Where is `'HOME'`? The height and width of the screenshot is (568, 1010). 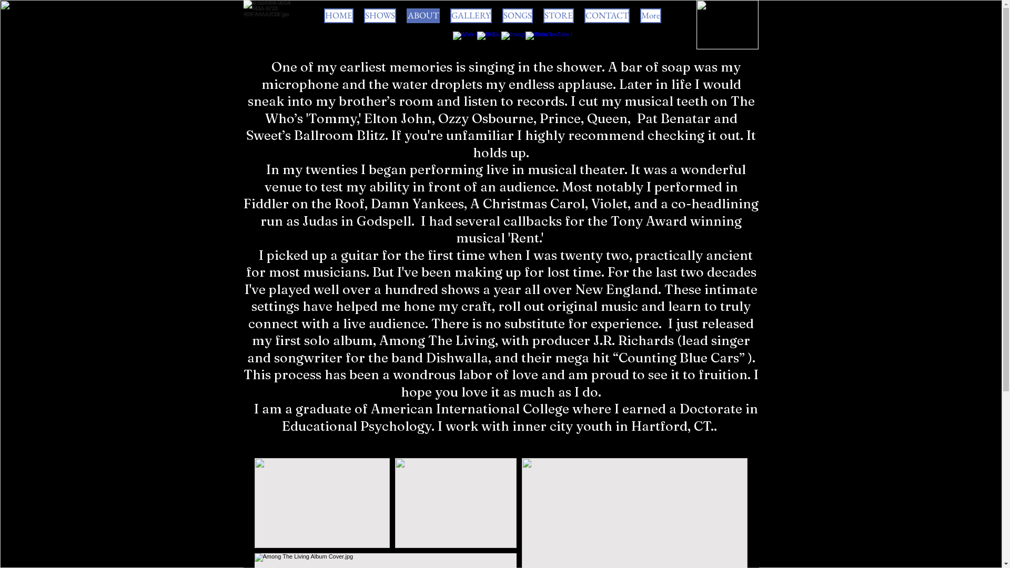
'HOME' is located at coordinates (323, 16).